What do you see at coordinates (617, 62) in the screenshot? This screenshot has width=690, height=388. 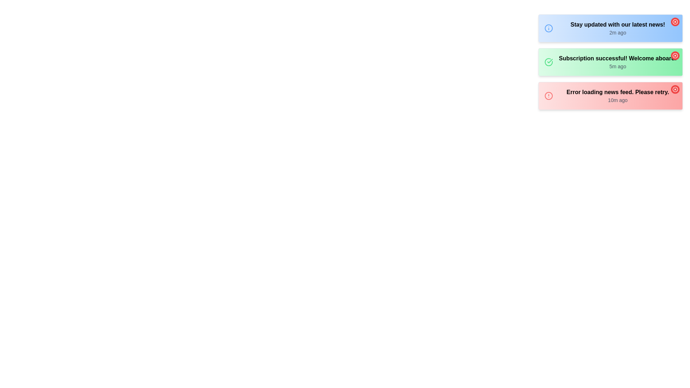 I see `the time information displayed` at bounding box center [617, 62].